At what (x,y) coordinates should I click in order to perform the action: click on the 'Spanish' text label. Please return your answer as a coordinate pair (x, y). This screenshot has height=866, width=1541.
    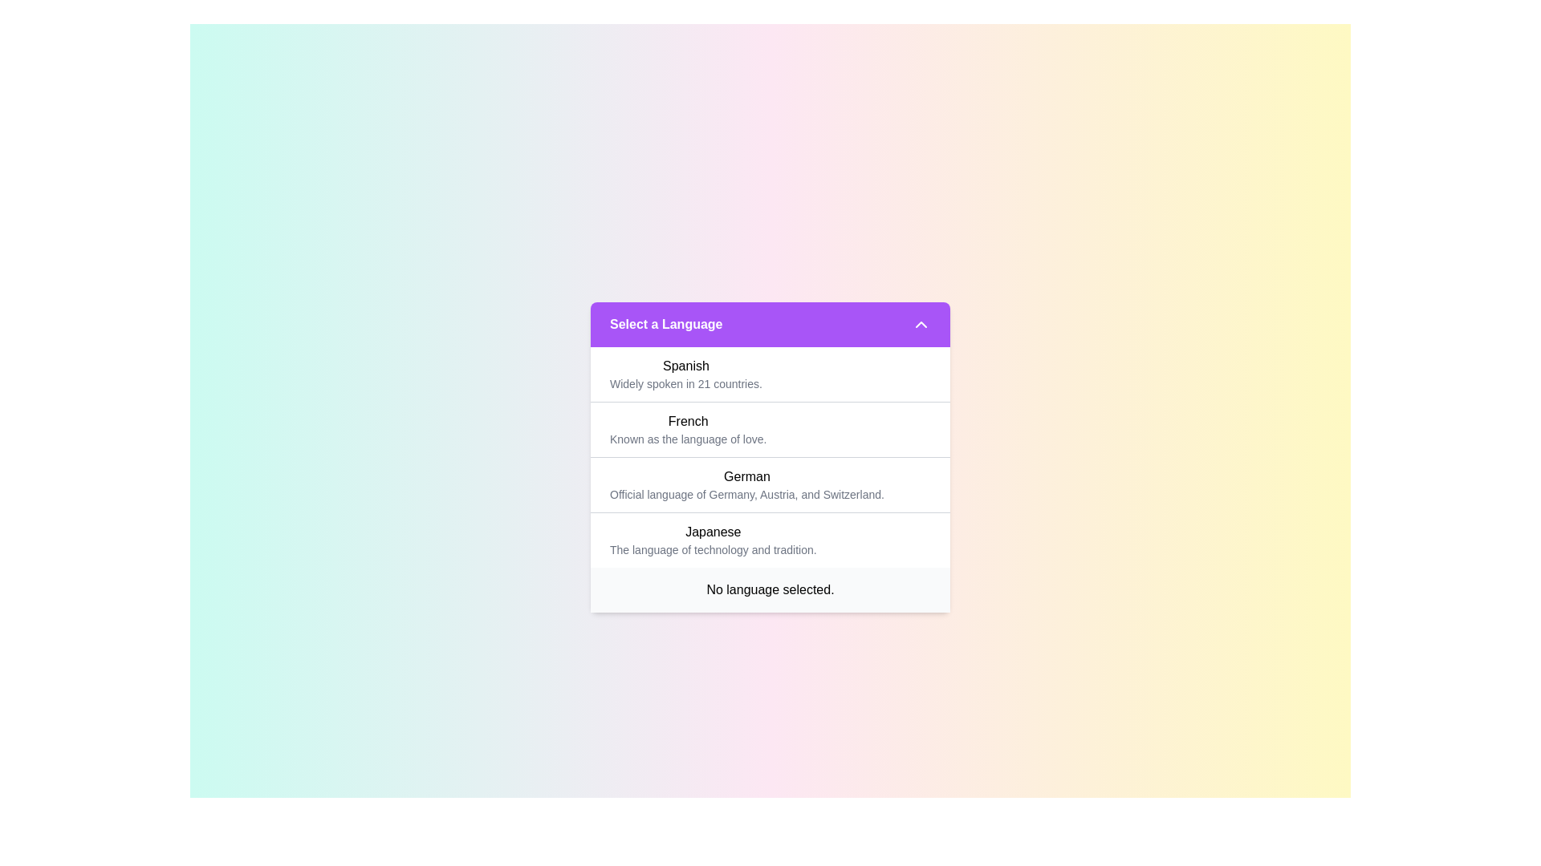
    Looking at the image, I should click on (685, 366).